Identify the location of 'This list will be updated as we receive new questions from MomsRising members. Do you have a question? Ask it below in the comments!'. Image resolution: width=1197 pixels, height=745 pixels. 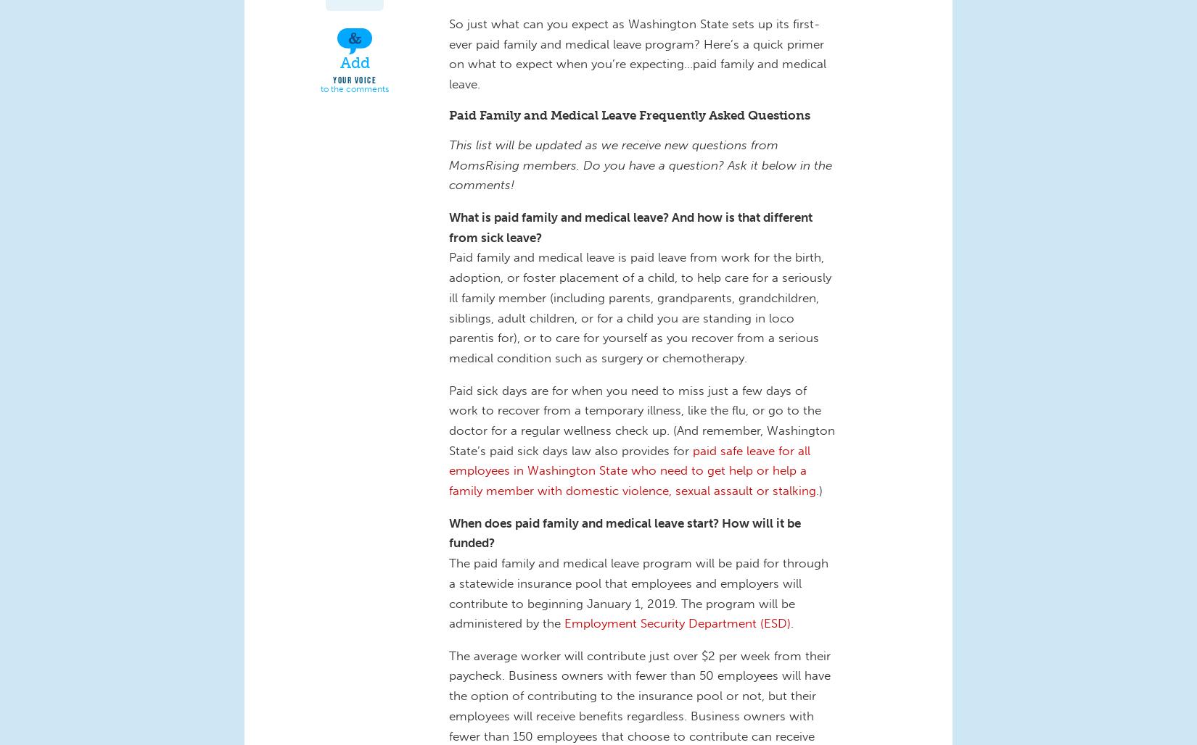
(641, 164).